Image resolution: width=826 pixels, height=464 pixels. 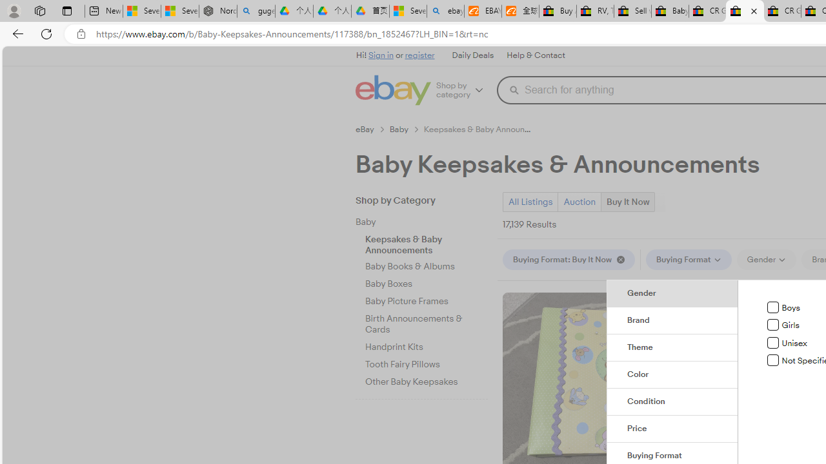 What do you see at coordinates (256, 11) in the screenshot?
I see `'guge yunpan - Search'` at bounding box center [256, 11].